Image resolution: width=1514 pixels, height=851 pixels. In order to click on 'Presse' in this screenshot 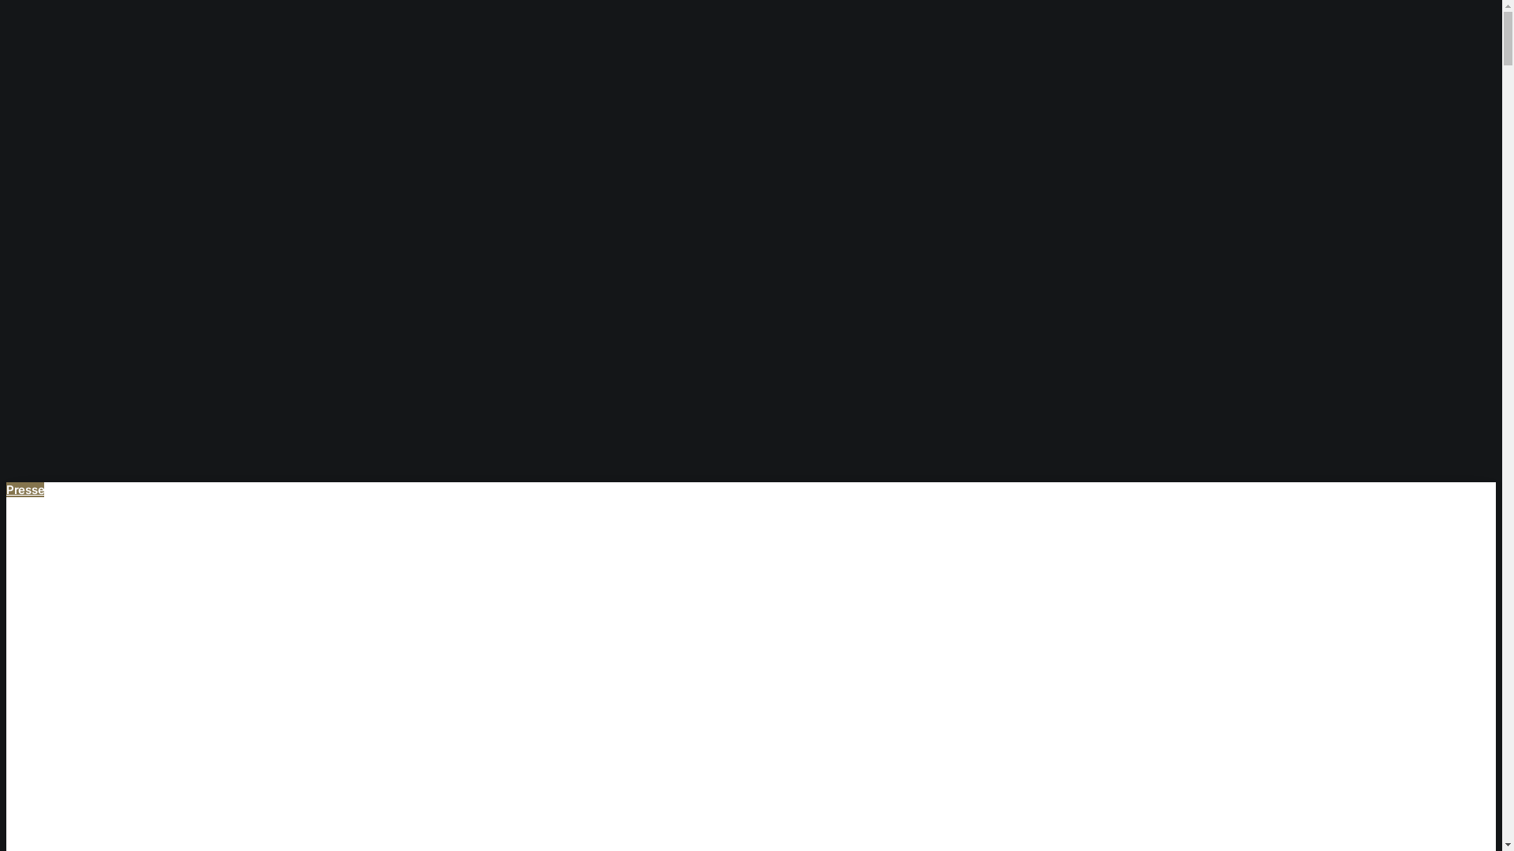, I will do `click(25, 489)`.